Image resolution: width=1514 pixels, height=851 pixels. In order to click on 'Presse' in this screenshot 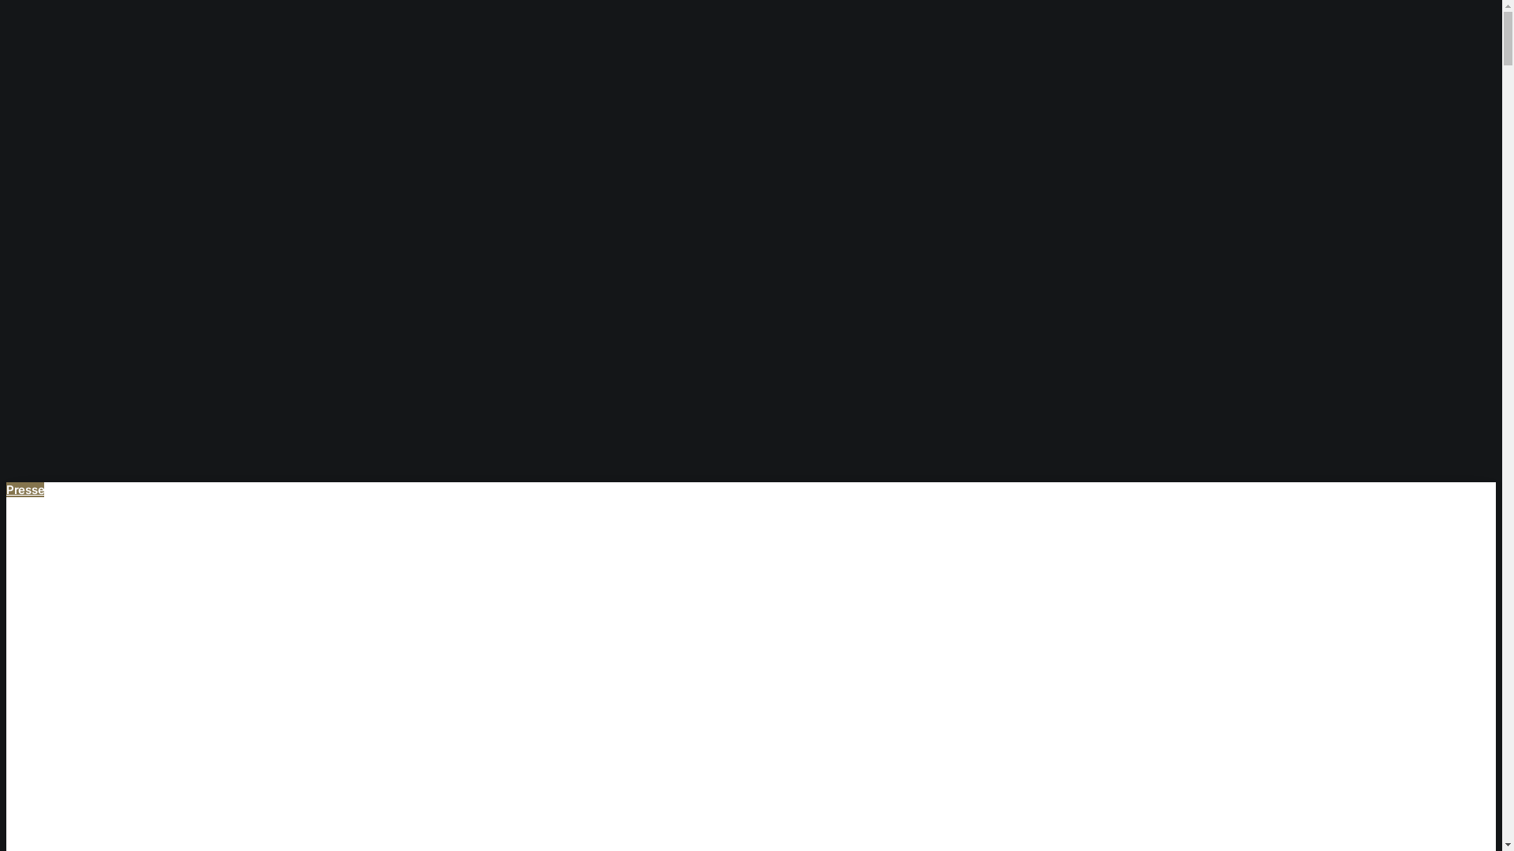, I will do `click(25, 489)`.